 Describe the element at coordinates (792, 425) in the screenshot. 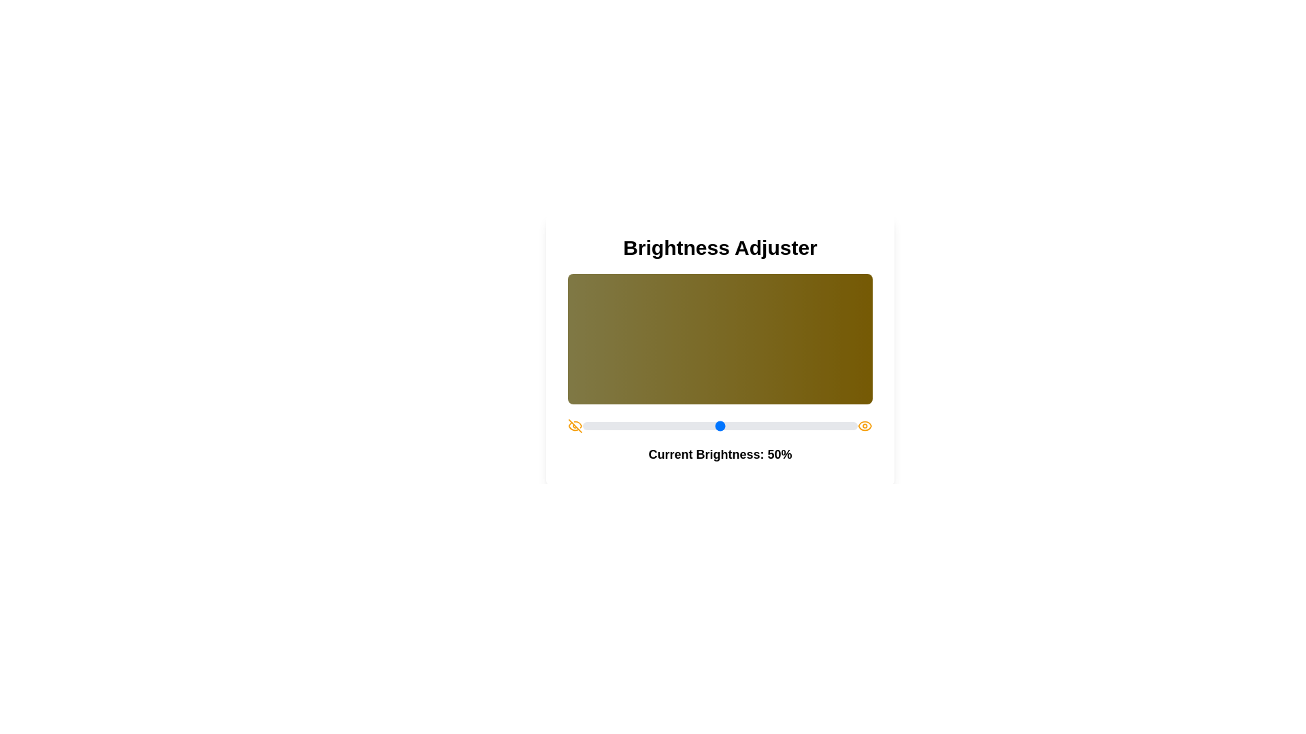

I see `the brightness slider to set the brightness to 76%` at that location.